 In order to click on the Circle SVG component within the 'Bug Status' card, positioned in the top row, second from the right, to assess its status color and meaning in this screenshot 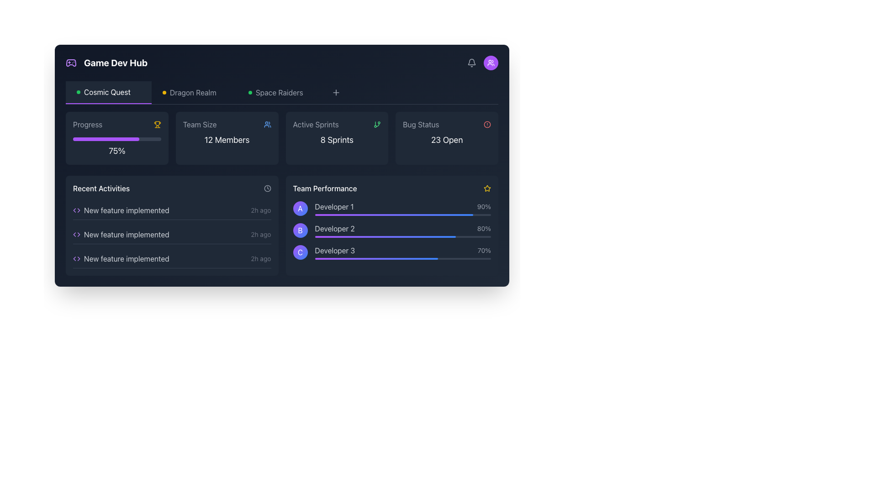, I will do `click(486, 125)`.